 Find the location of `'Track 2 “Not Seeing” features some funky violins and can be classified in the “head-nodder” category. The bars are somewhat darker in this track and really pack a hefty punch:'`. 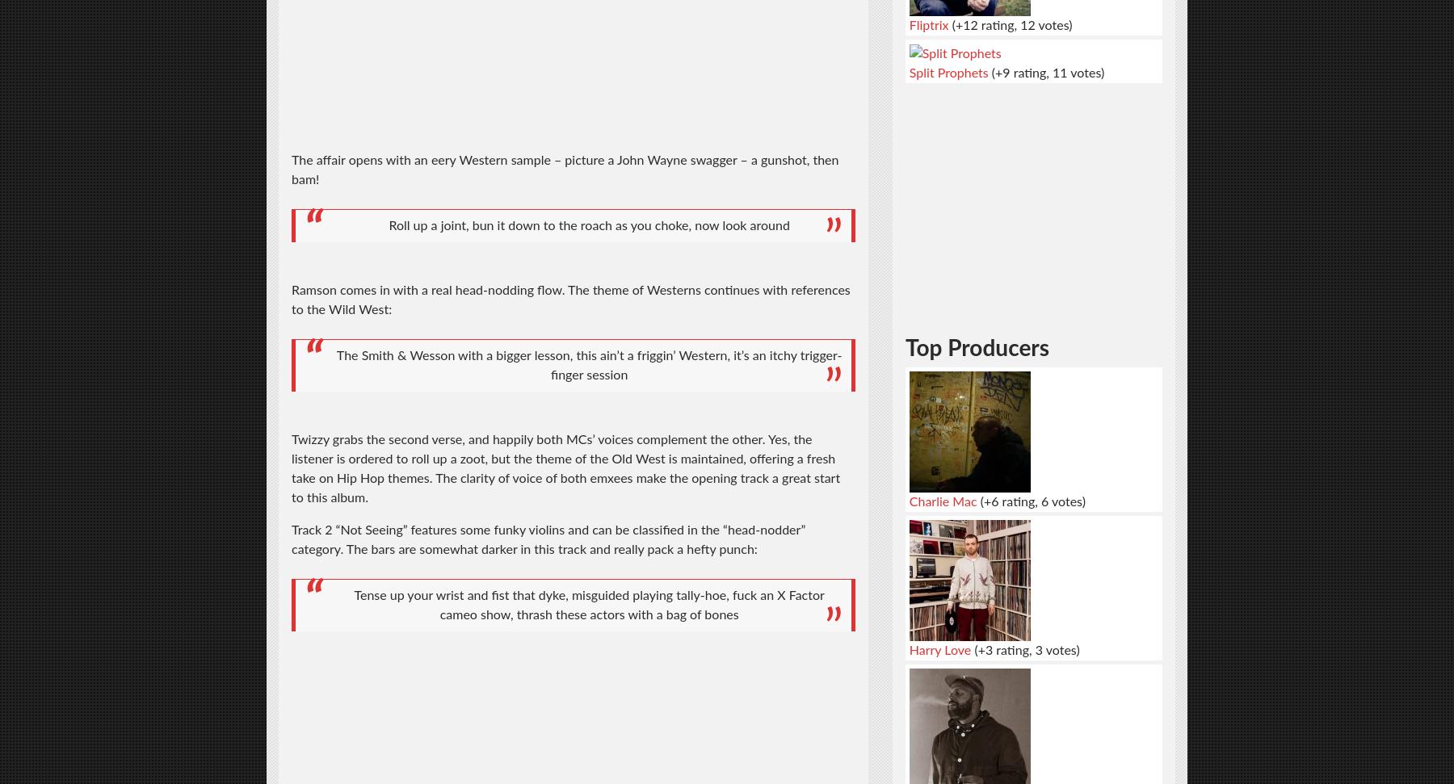

'Track 2 “Not Seeing” features some funky violins and can be classified in the “head-nodder” category. The bars are somewhat darker in this track and really pack a hefty punch:' is located at coordinates (547, 539).